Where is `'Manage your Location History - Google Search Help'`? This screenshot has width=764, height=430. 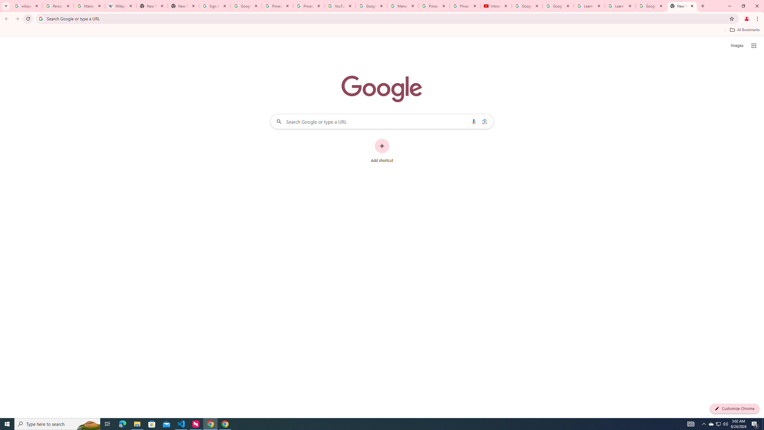 'Manage your Location History - Google Search Help' is located at coordinates (89, 6).